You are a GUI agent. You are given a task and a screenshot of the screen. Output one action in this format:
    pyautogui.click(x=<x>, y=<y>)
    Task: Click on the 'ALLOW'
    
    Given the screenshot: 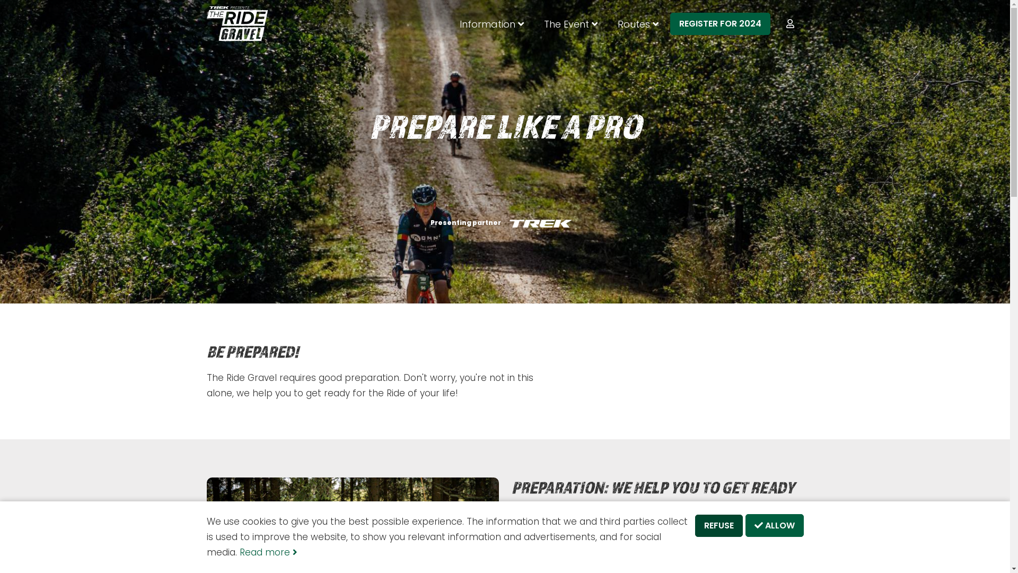 What is the action you would take?
    pyautogui.click(x=745, y=525)
    